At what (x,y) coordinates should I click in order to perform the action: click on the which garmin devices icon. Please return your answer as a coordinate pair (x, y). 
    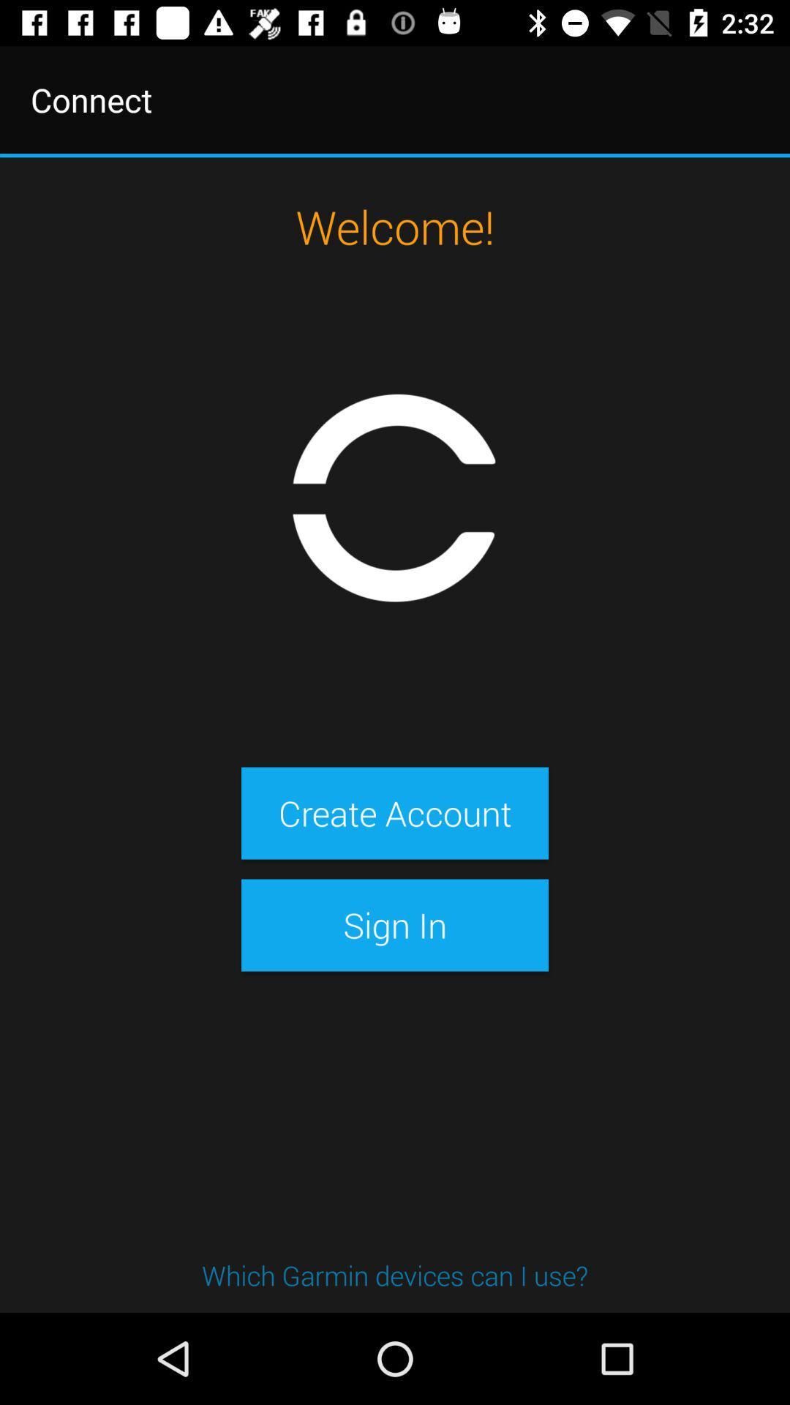
    Looking at the image, I should click on (395, 1274).